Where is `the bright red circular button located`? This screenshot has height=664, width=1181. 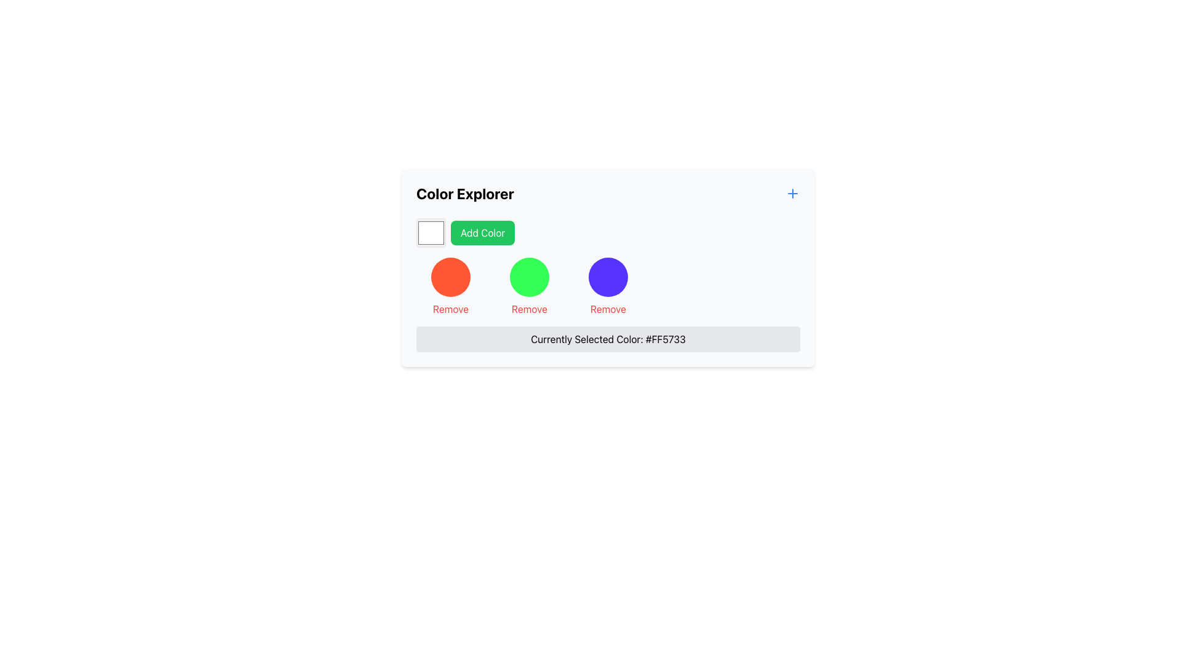 the bright red circular button located is located at coordinates (450, 277).